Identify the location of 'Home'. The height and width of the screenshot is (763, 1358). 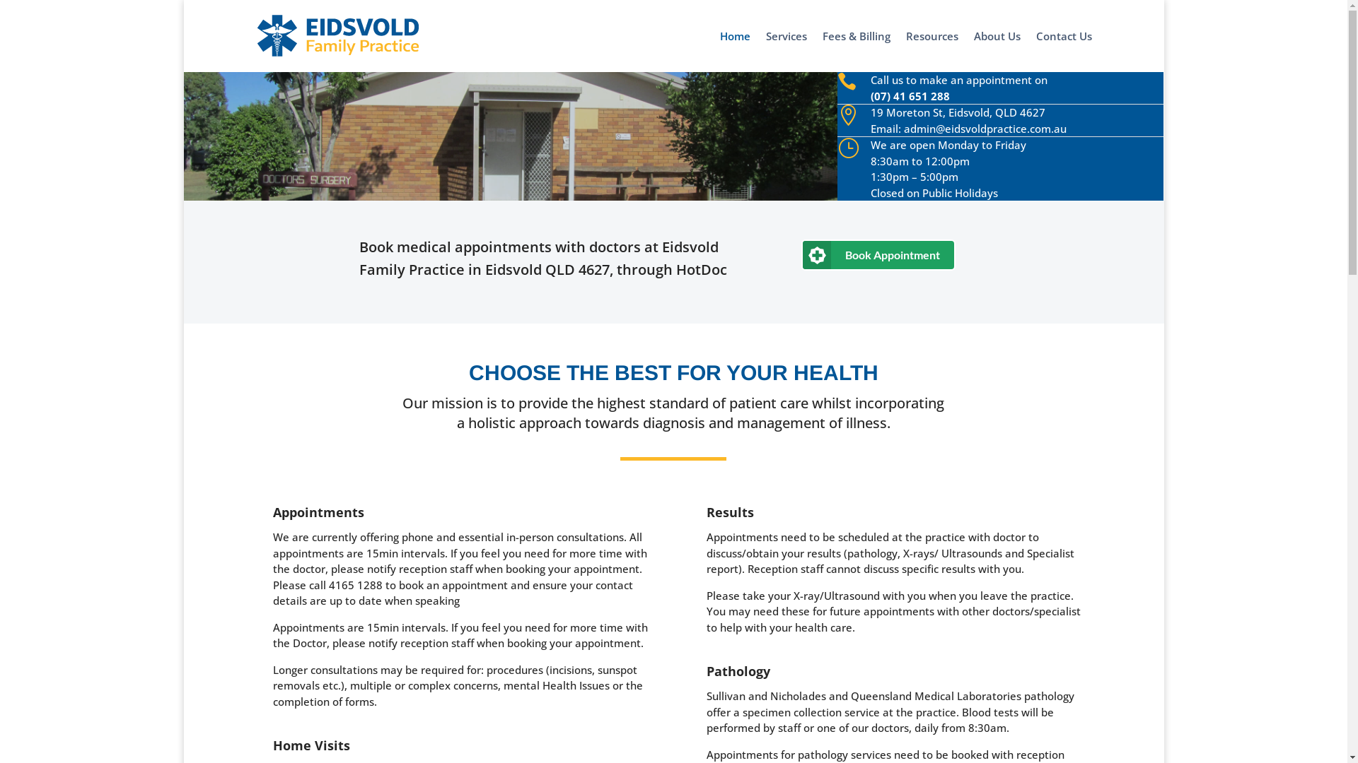
(735, 51).